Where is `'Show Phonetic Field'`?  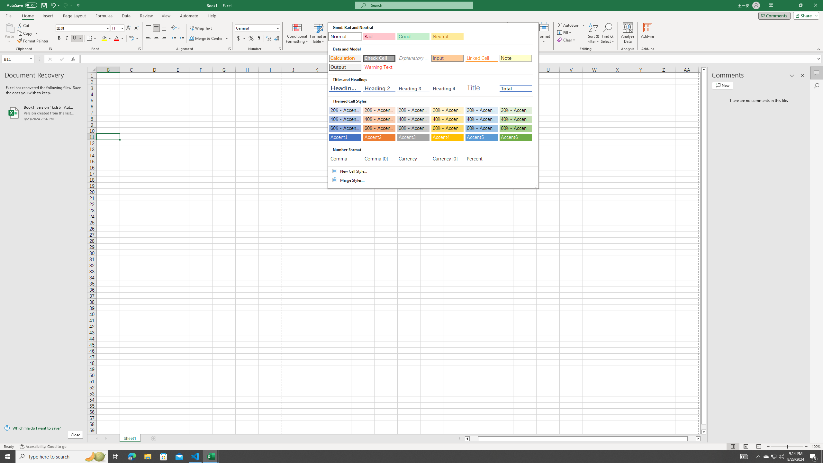 'Show Phonetic Field' is located at coordinates (133, 38).